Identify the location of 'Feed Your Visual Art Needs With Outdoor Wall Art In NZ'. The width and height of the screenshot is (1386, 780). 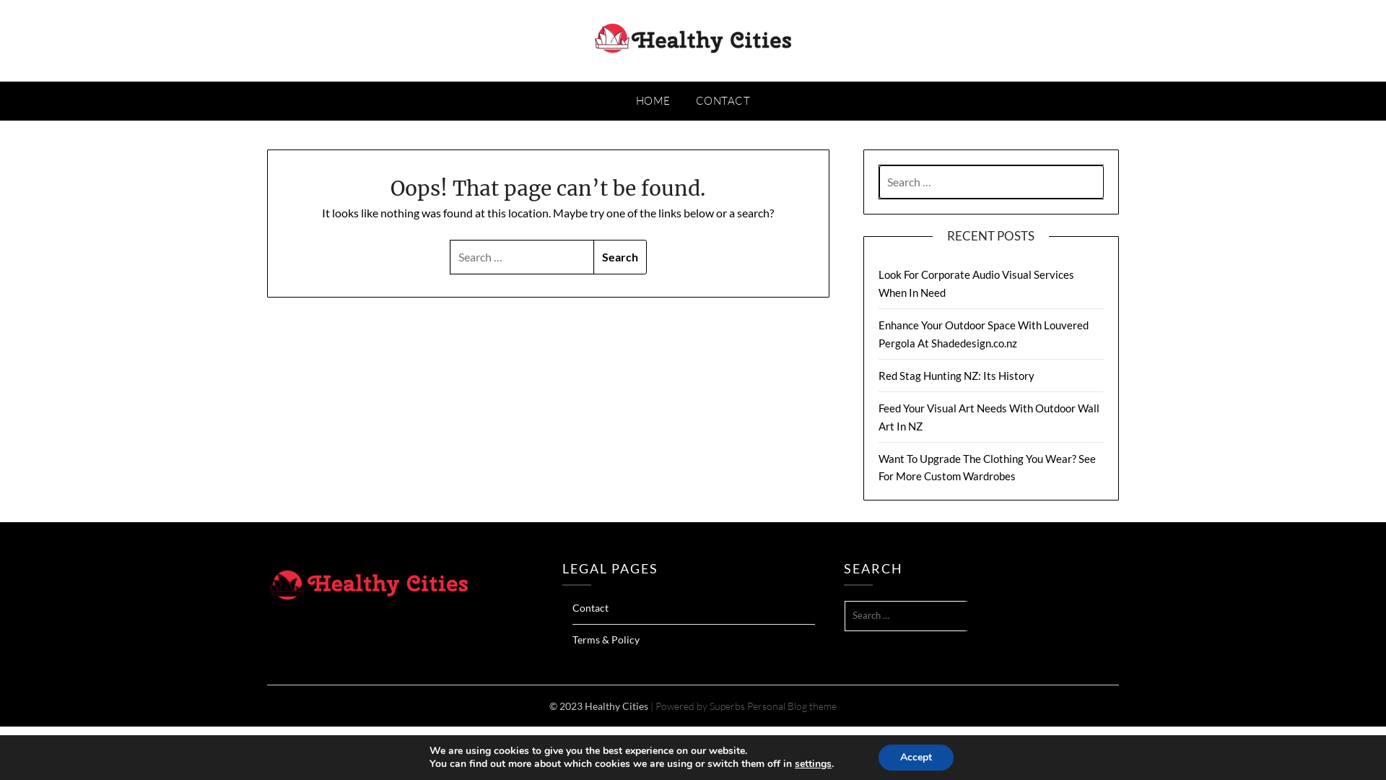
(988, 417).